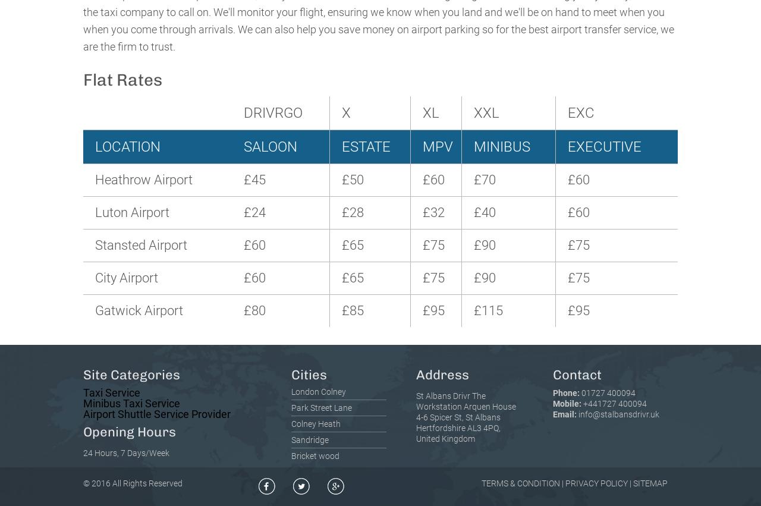  What do you see at coordinates (310, 439) in the screenshot?
I see `'Sandridge'` at bounding box center [310, 439].